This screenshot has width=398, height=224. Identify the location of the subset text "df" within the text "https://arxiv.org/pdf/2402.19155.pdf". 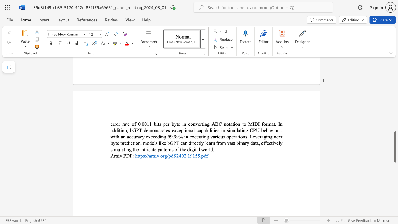
(204, 156).